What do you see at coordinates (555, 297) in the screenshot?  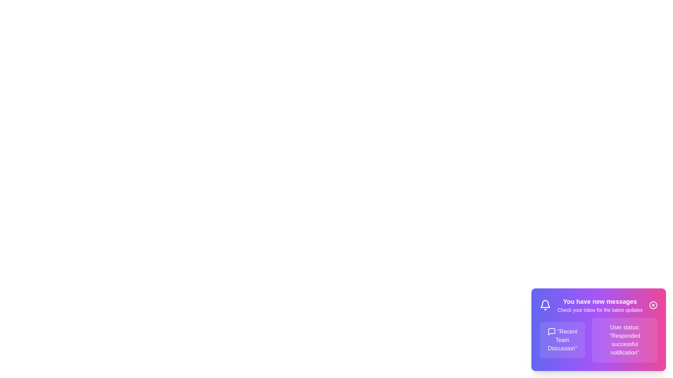 I see `the notification text and copy it to the clipboard` at bounding box center [555, 297].